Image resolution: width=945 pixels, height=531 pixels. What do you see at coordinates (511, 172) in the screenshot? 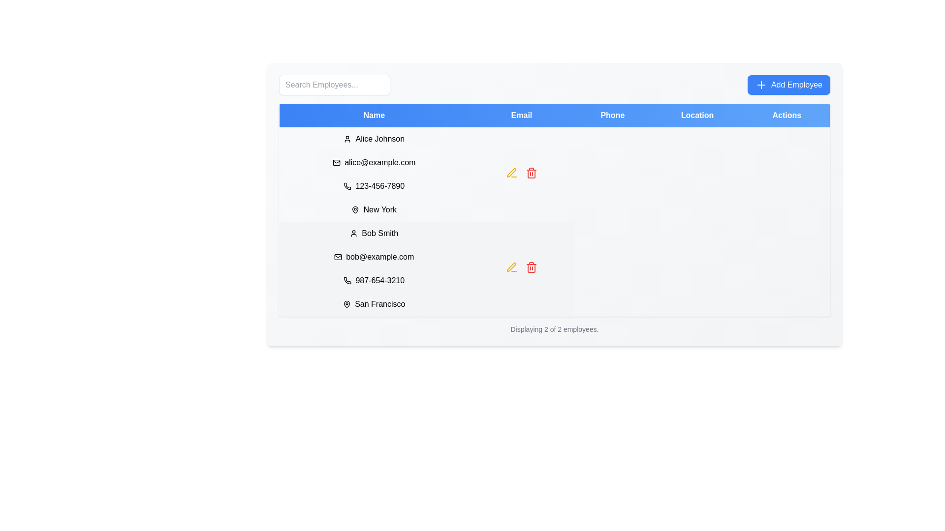
I see `the edit icon button located in the second row of the actions column for the user 'Bob Smith'` at bounding box center [511, 172].